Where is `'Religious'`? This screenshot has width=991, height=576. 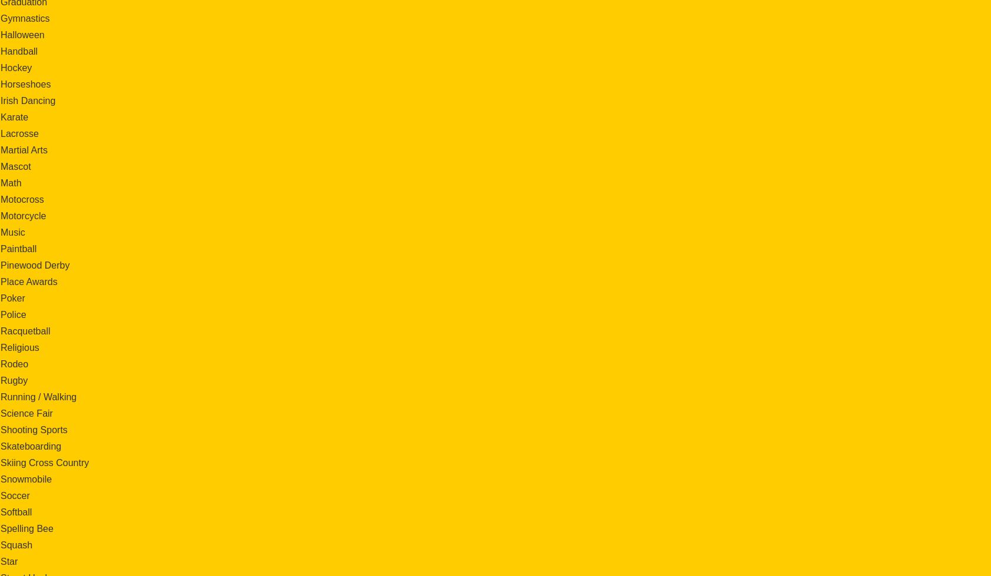
'Religious' is located at coordinates (19, 347).